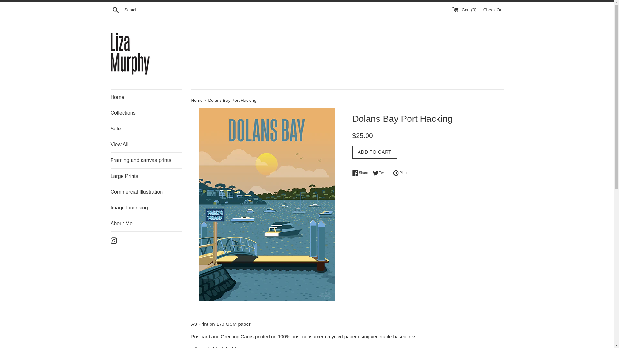 This screenshot has height=348, width=619. Describe the element at coordinates (113, 240) in the screenshot. I see `'Instagram'` at that location.